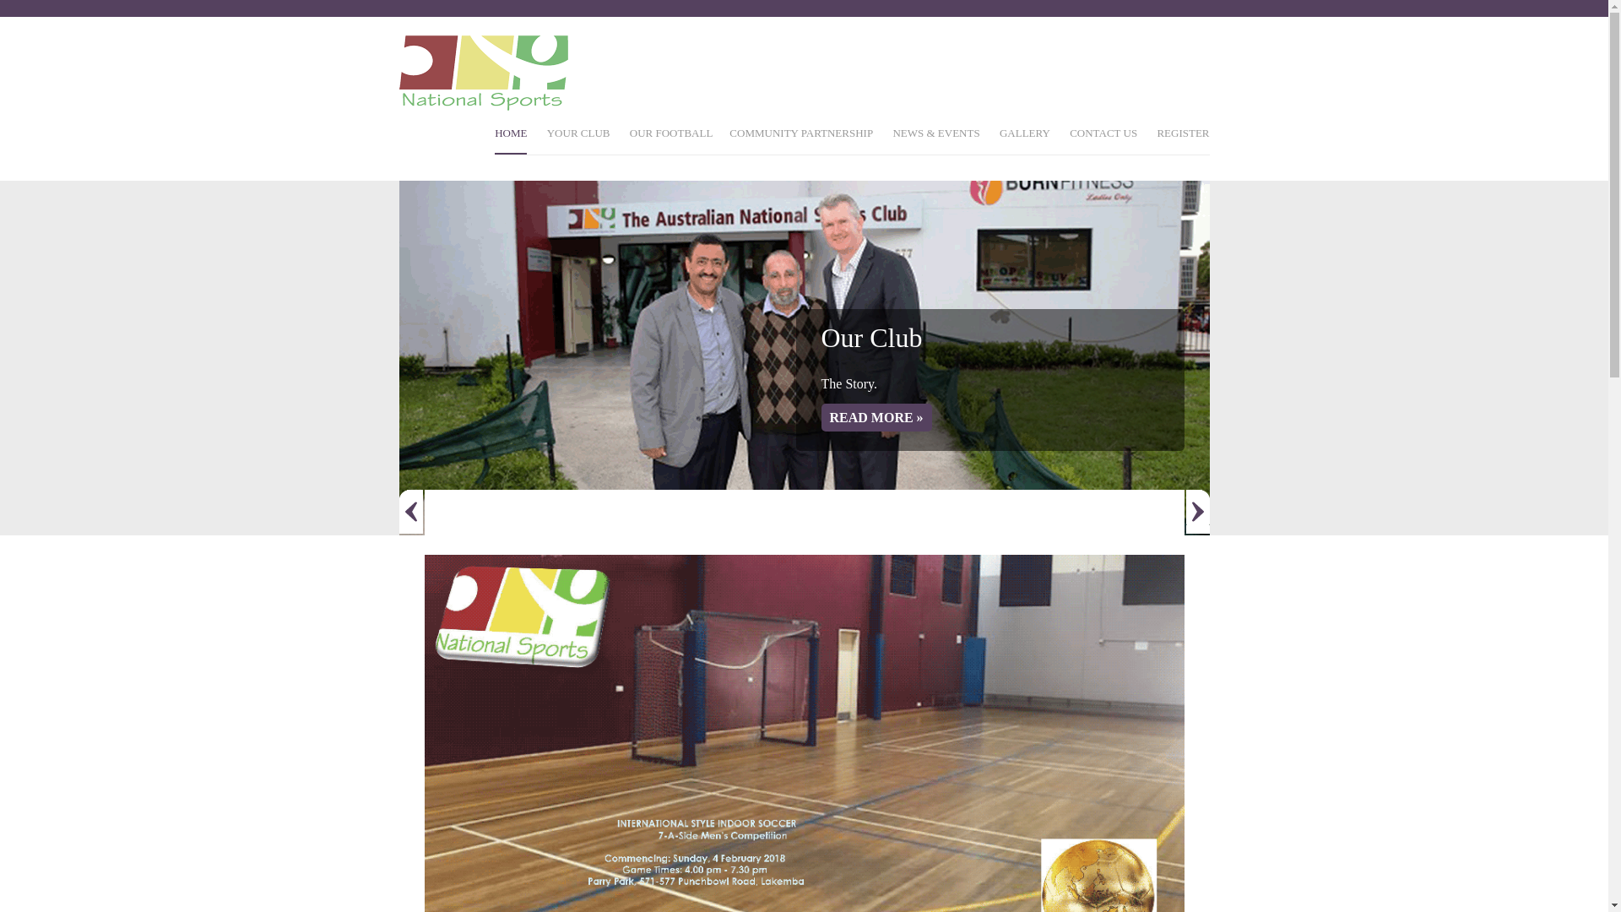 This screenshot has width=1621, height=912. I want to click on 'NEWS & EVENTS', so click(935, 139).